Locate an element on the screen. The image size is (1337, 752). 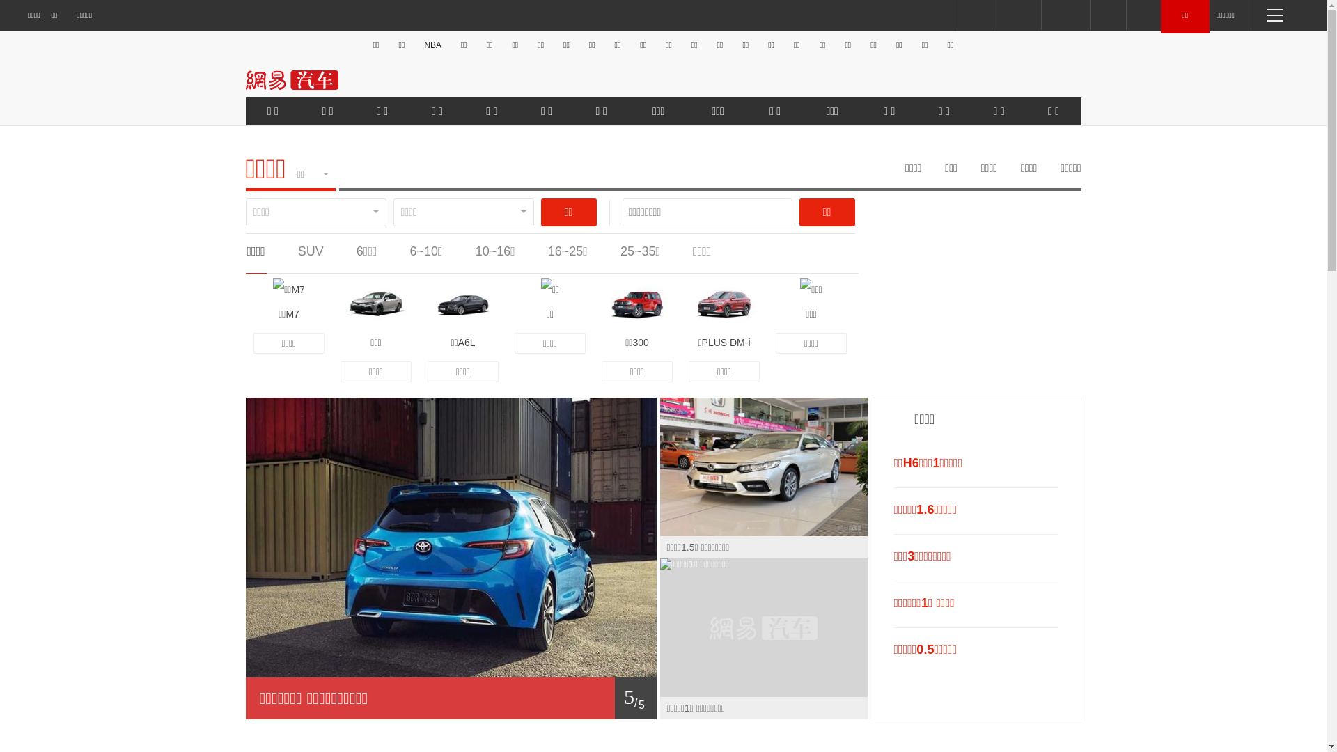
'1/ 5' is located at coordinates (451, 698).